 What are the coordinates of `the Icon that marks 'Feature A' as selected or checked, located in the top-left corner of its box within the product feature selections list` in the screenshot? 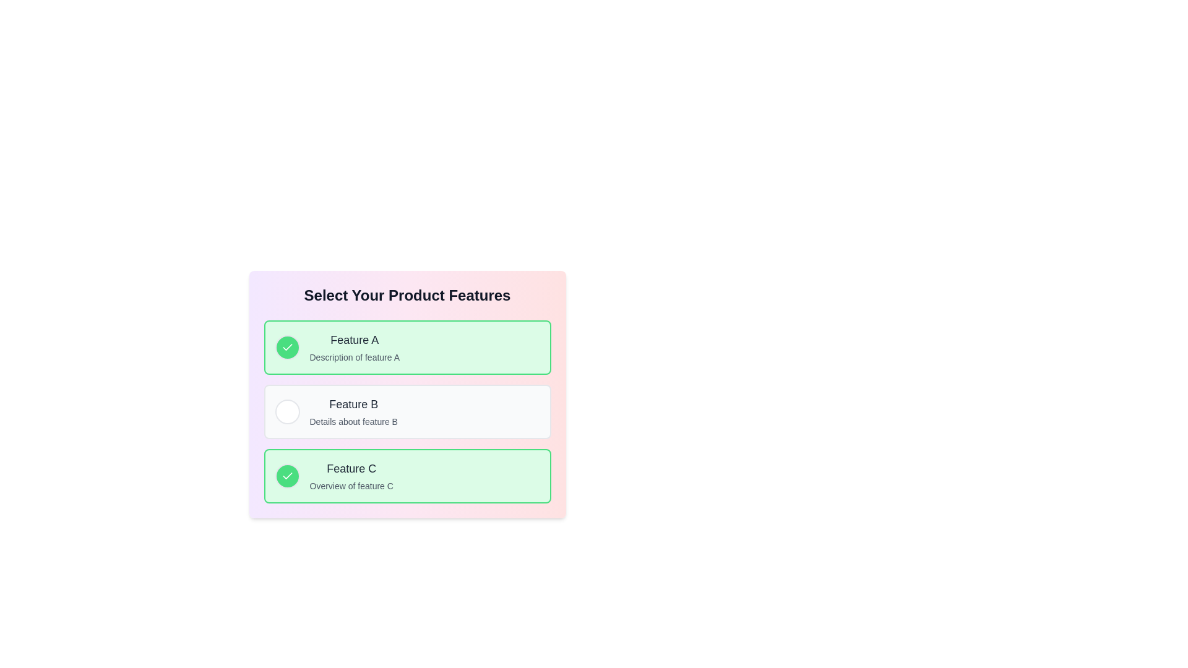 It's located at (286, 475).